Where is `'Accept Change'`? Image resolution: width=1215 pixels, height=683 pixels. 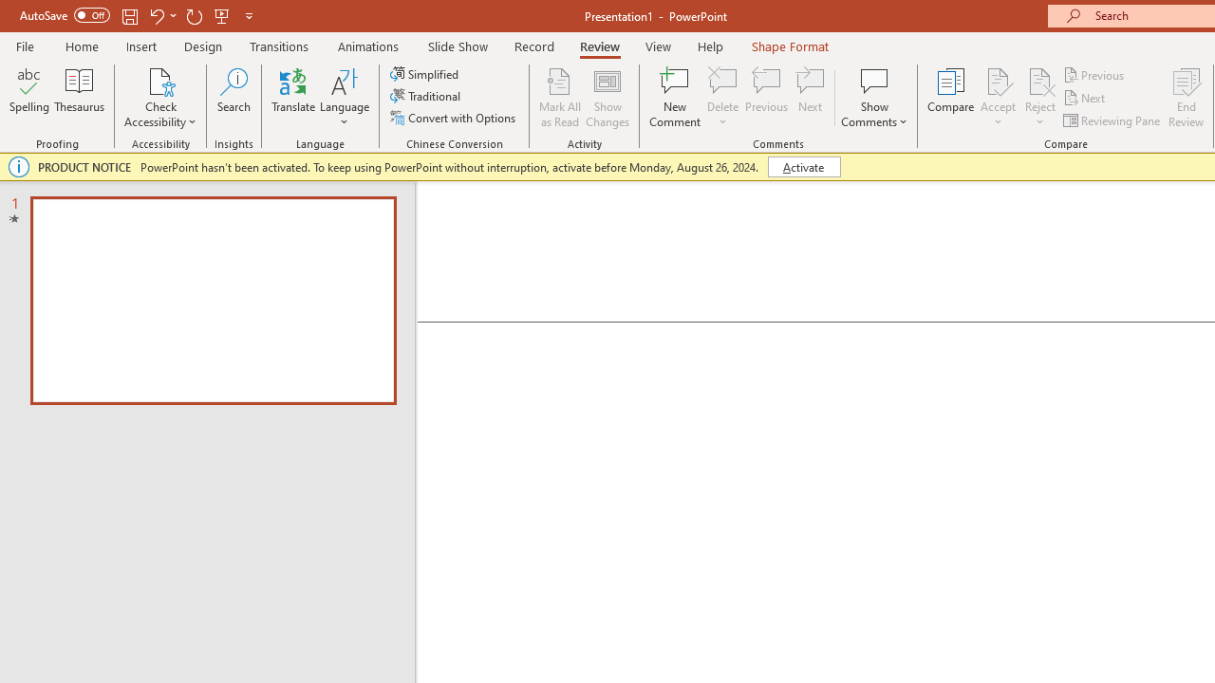
'Accept Change' is located at coordinates (997, 80).